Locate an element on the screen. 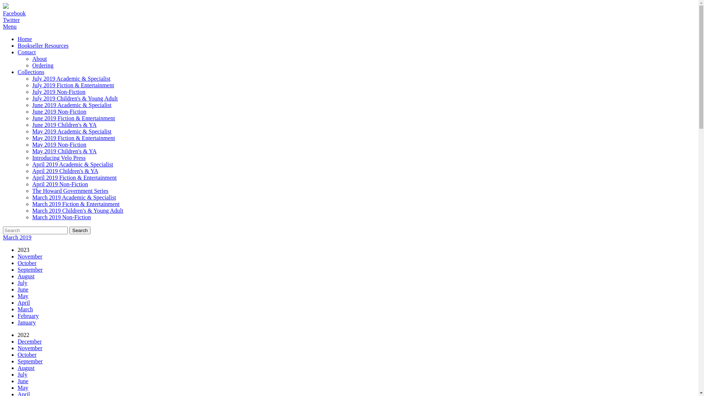  'The Howard Government Series' is located at coordinates (32, 190).